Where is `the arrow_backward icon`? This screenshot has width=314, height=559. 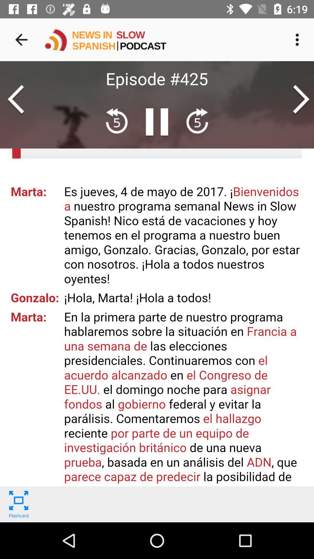
the arrow_backward icon is located at coordinates (15, 100).